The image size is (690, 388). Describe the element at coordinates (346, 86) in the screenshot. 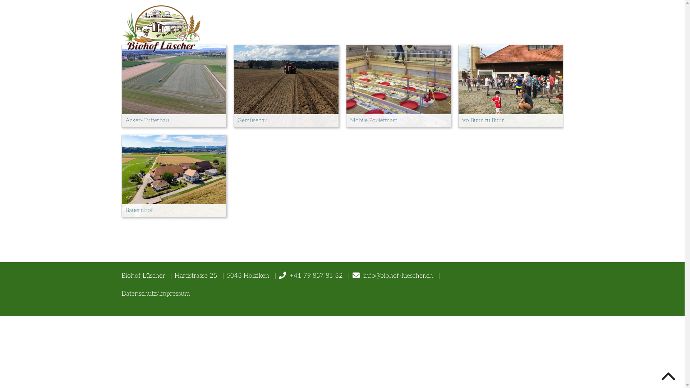

I see `'Mobile Pouletmast'` at that location.